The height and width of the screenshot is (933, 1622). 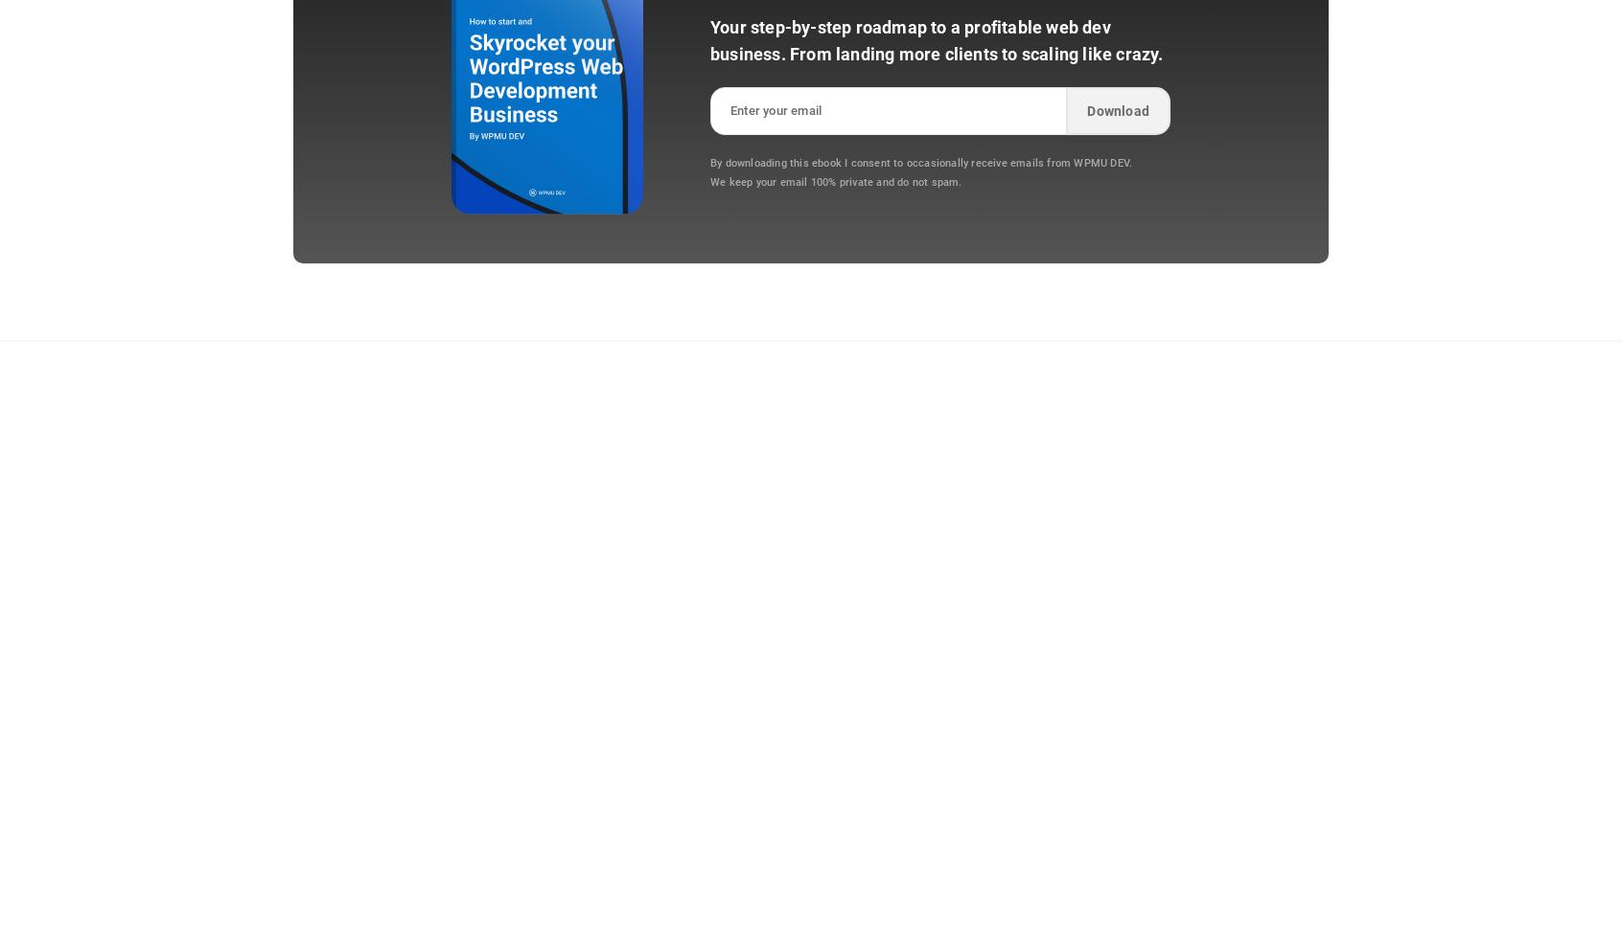 What do you see at coordinates (848, 466) in the screenshot?
I see `'Automation'` at bounding box center [848, 466].